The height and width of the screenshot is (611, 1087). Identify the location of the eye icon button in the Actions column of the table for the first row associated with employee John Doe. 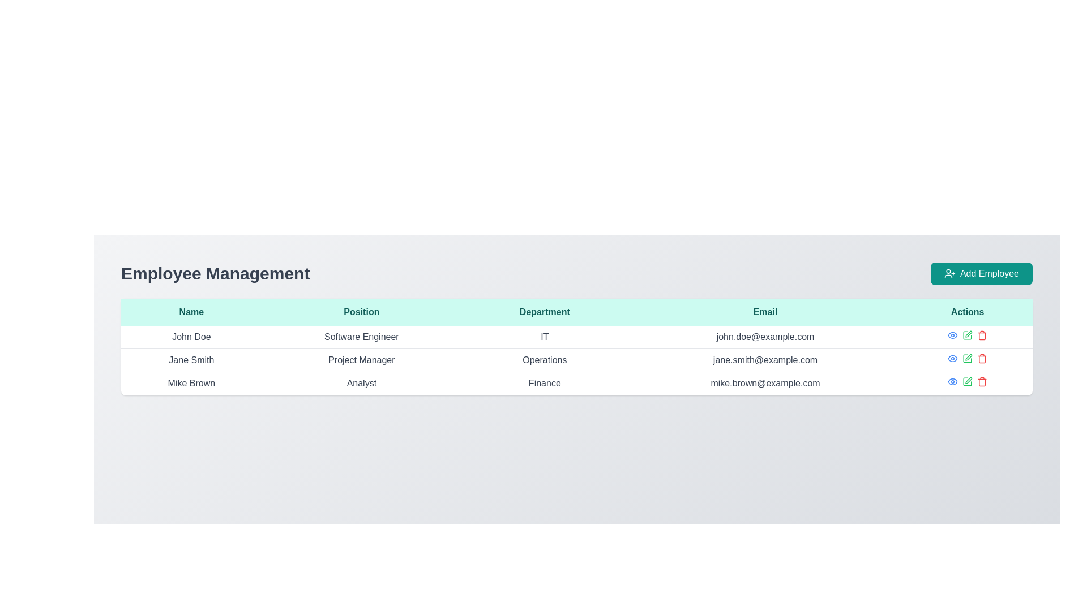
(952, 335).